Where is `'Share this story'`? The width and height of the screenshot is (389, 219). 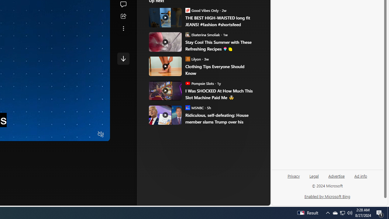
'Share this story' is located at coordinates (123, 16).